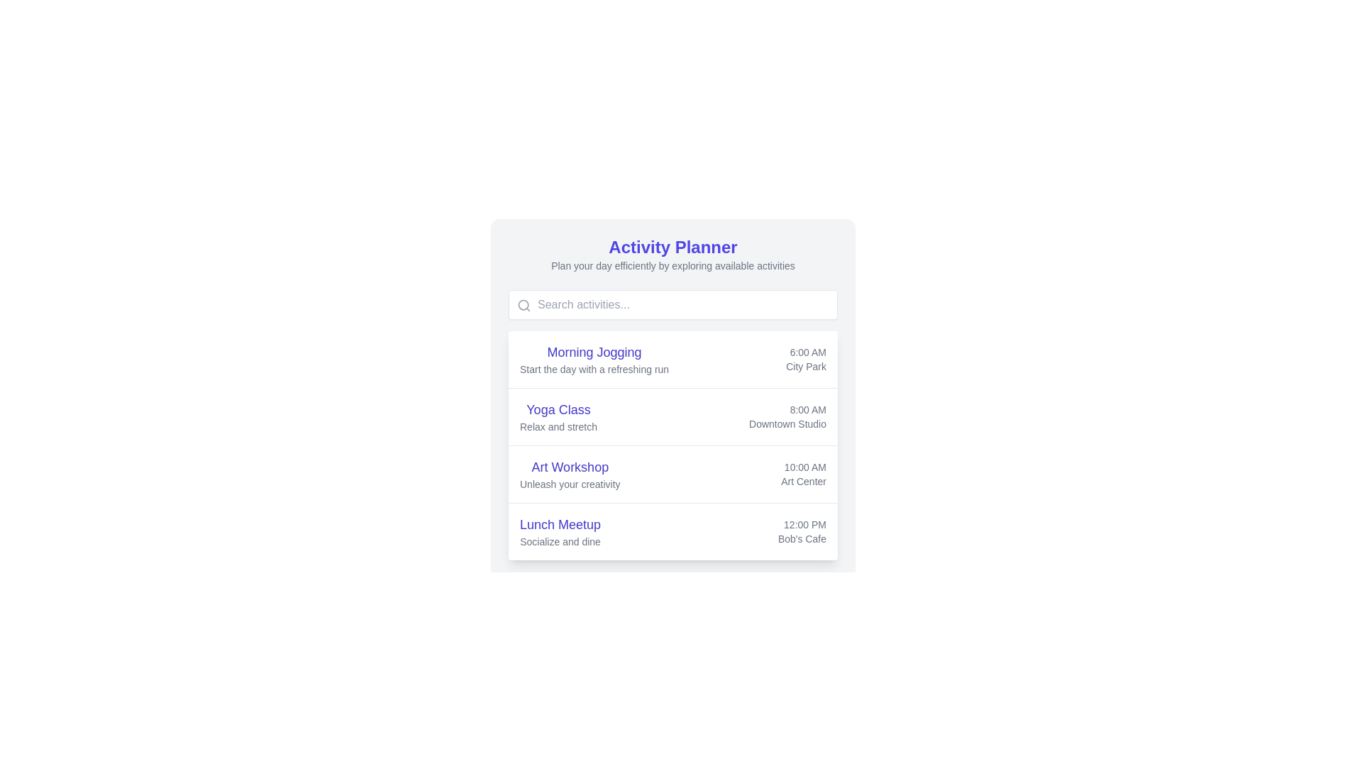 The image size is (1362, 766). Describe the element at coordinates (523, 304) in the screenshot. I see `the decorative circle within the SVG search icon, which is a small circular shape with a light gray outline, centrally positioned within the larger search icon near the top-left corner of the 'Search activities...' text input box` at that location.